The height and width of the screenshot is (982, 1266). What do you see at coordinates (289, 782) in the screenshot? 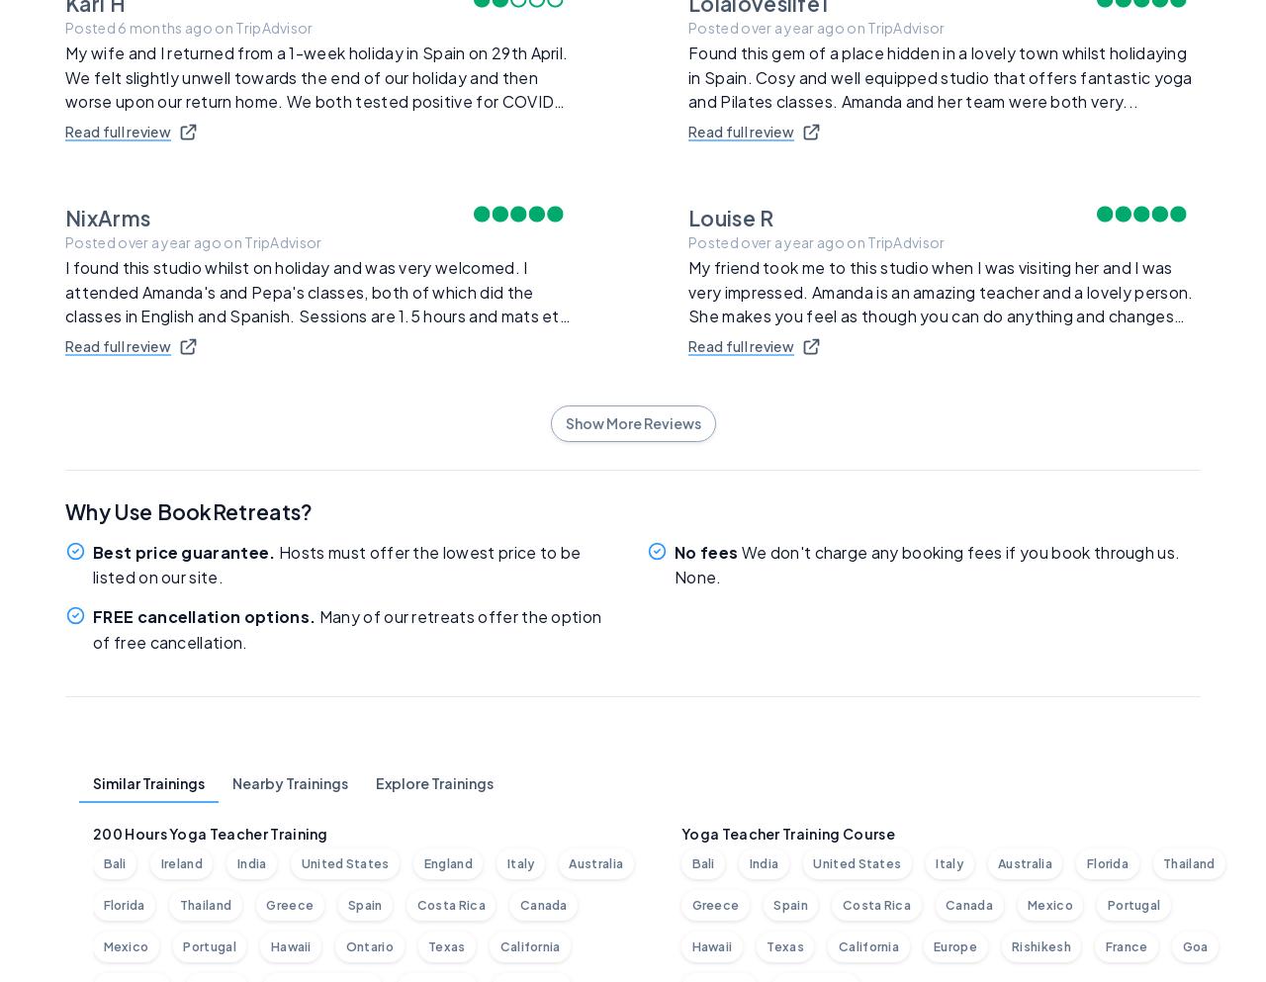
I see `'Nearby Trainings'` at bounding box center [289, 782].